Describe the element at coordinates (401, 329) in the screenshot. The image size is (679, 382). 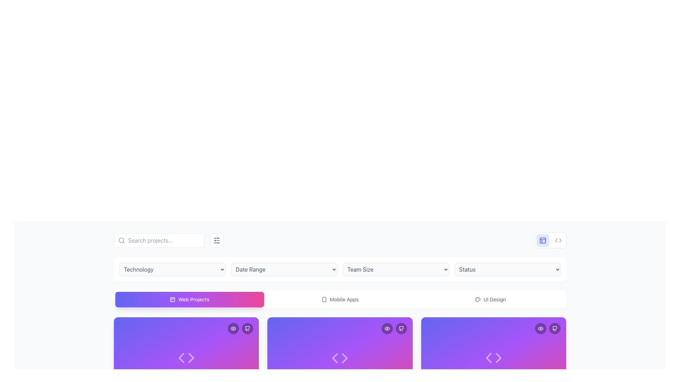
I see `the rightmost icon within the group of small icons at the top-right corner of the card-like structure` at that location.